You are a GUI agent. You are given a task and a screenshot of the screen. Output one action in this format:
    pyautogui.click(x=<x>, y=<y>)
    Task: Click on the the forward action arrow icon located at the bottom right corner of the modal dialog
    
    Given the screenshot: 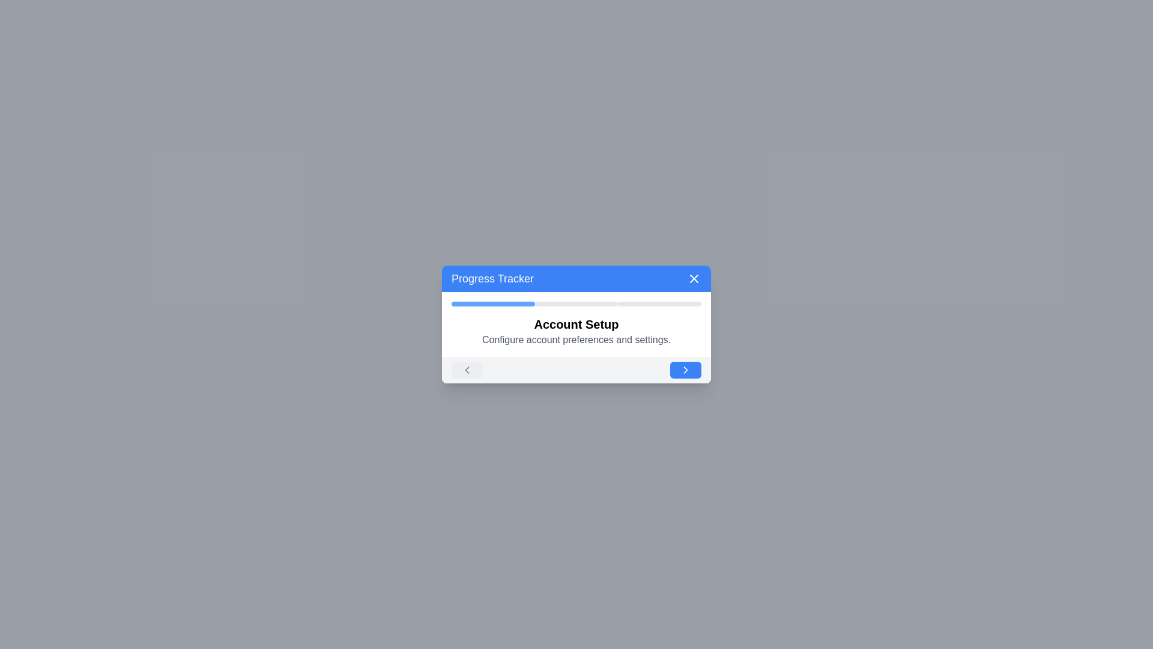 What is the action you would take?
    pyautogui.click(x=686, y=370)
    